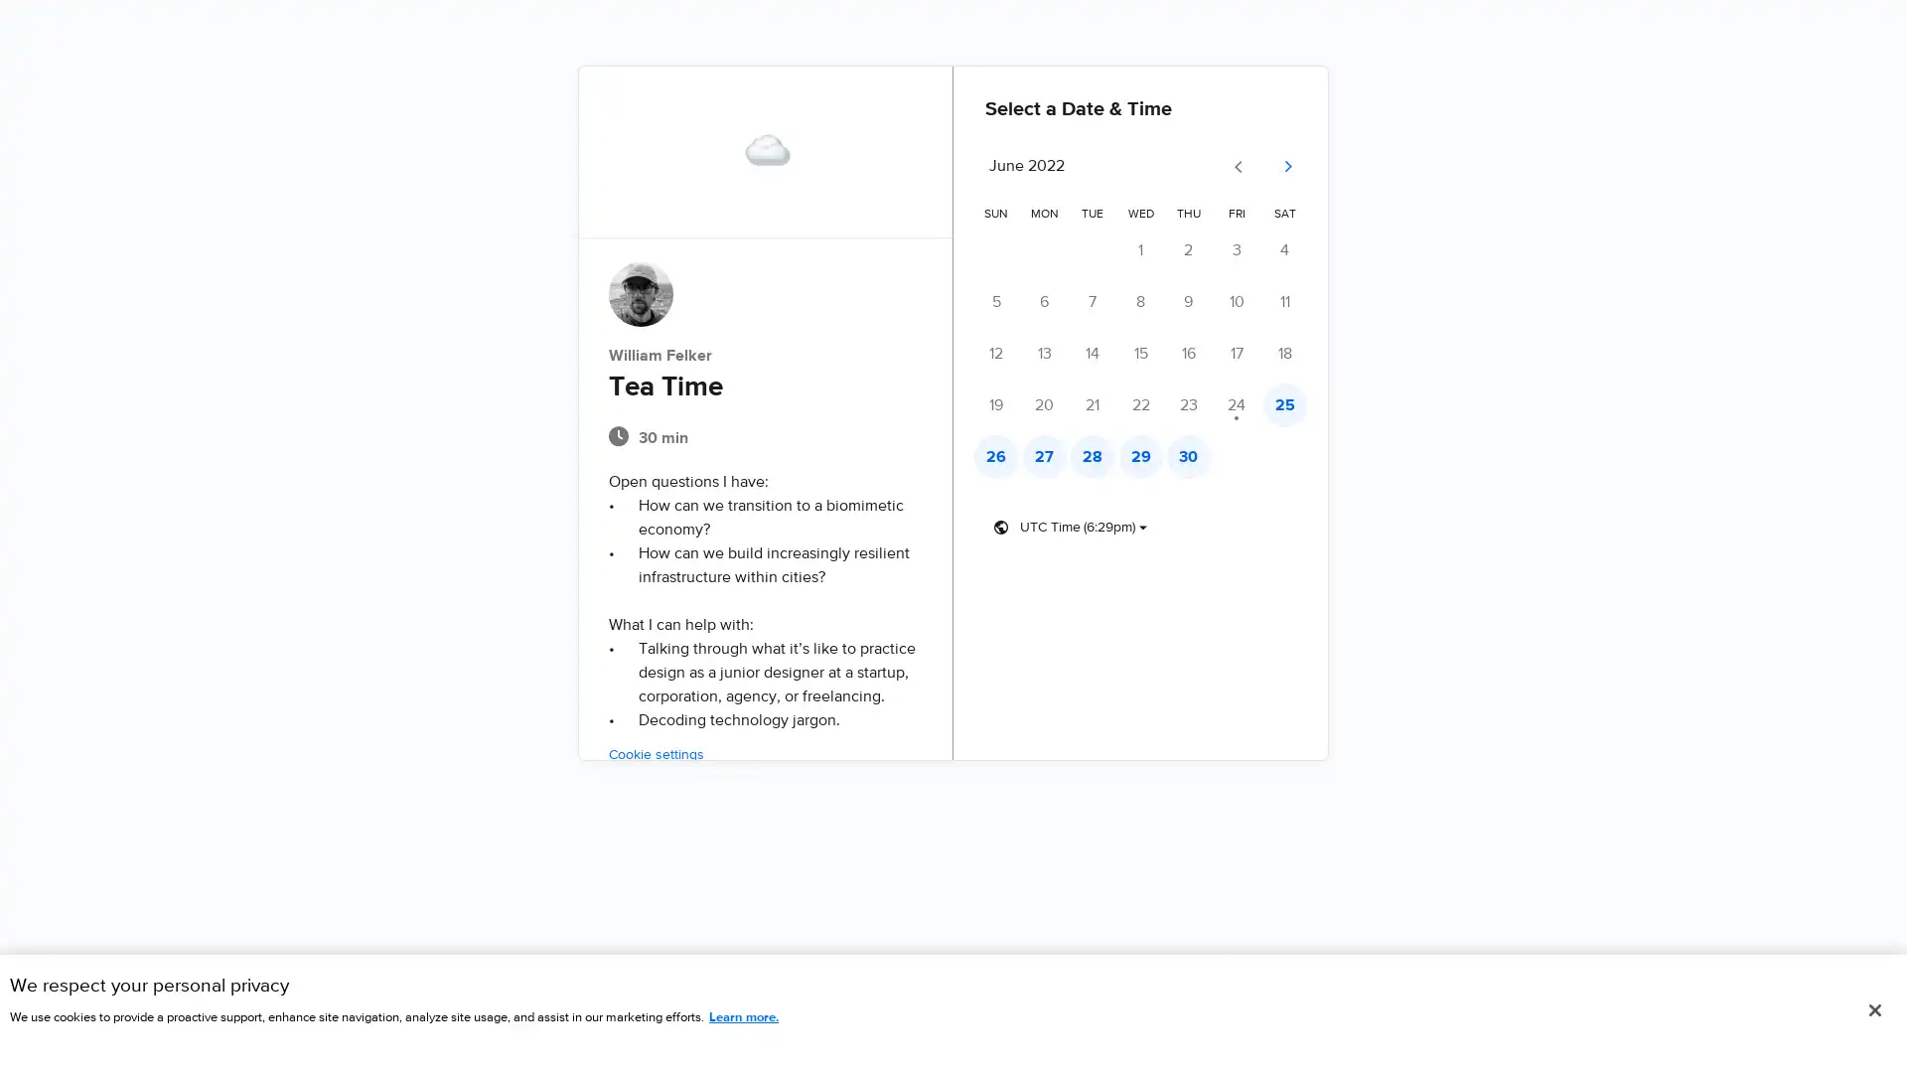 This screenshot has height=1073, width=1907. I want to click on Thursday, June 23 - No times available, so click(1201, 404).